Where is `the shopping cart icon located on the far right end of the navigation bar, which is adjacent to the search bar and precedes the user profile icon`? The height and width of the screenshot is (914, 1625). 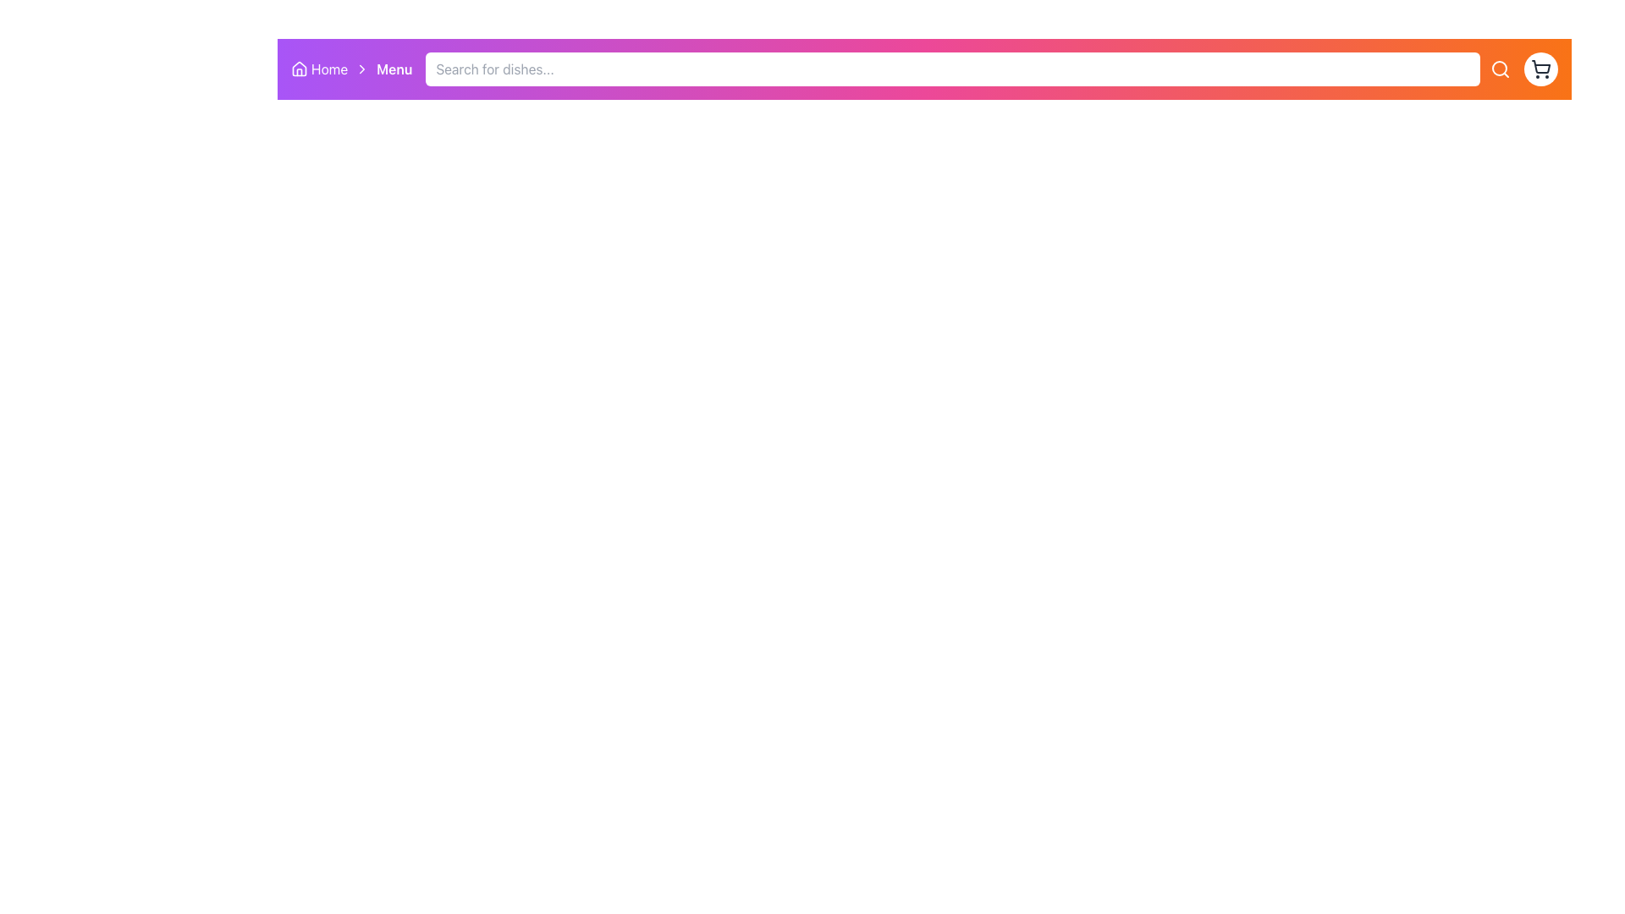
the shopping cart icon located on the far right end of the navigation bar, which is adjacent to the search bar and precedes the user profile icon is located at coordinates (1541, 66).